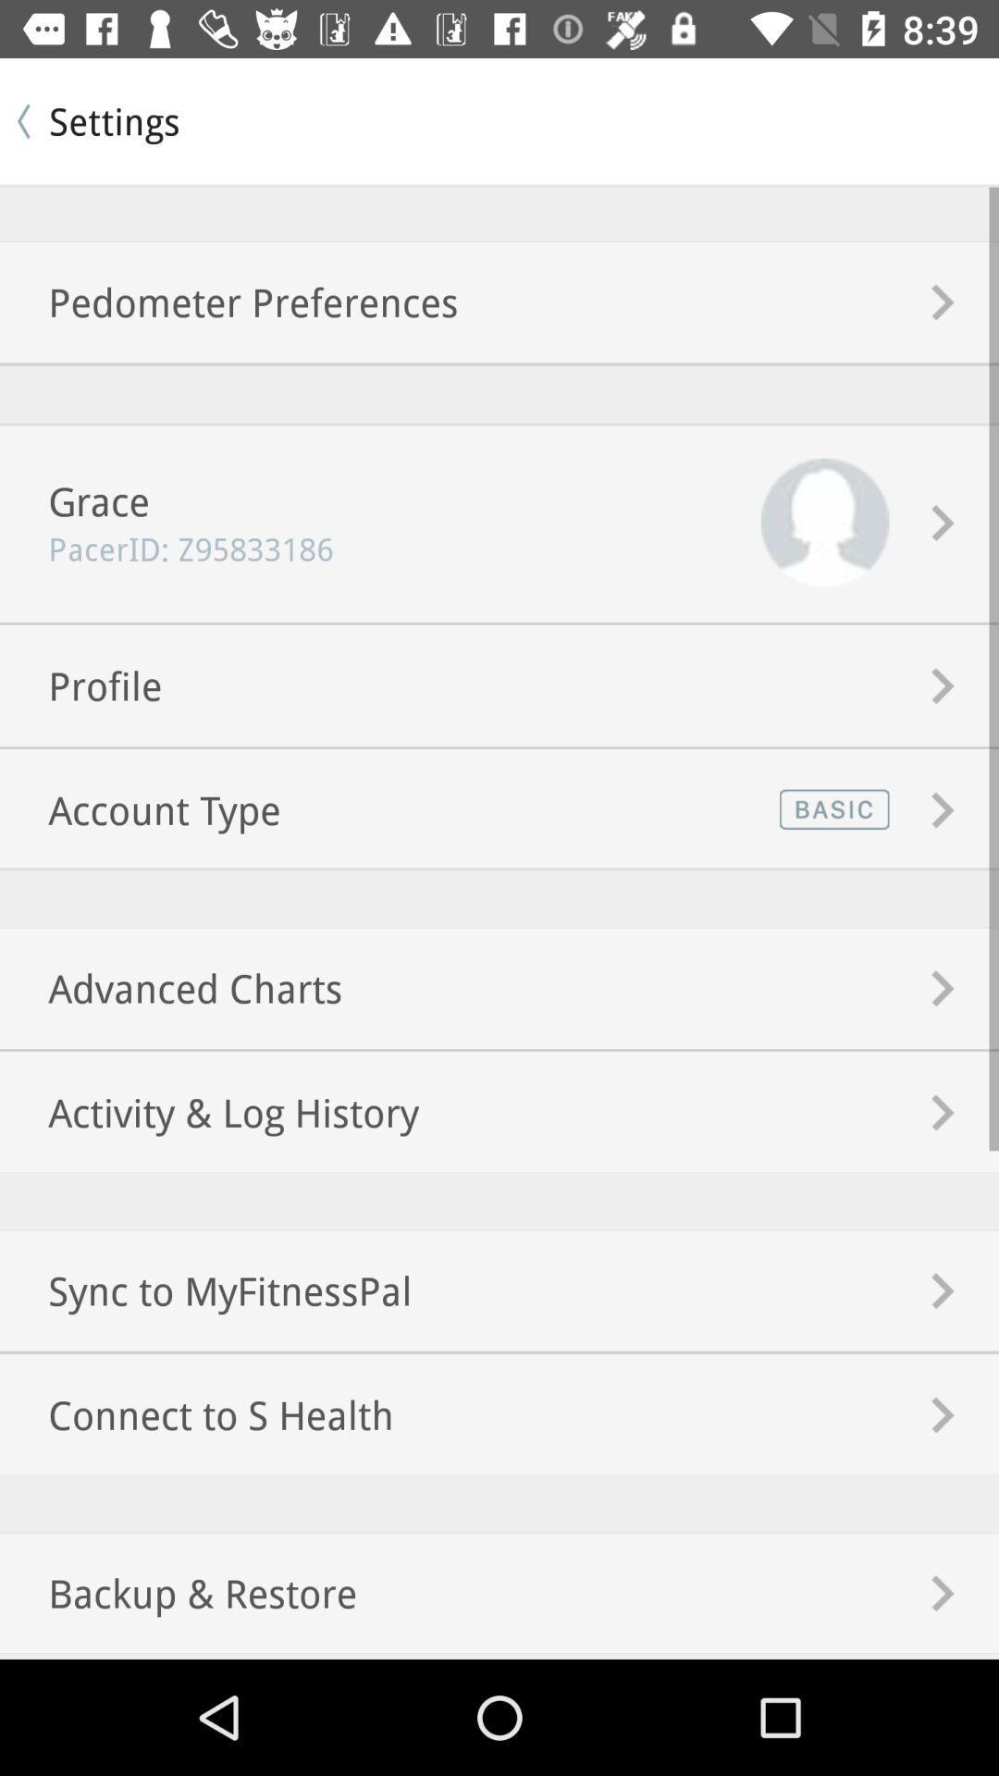 Image resolution: width=999 pixels, height=1776 pixels. I want to click on activity & log history, so click(208, 1111).